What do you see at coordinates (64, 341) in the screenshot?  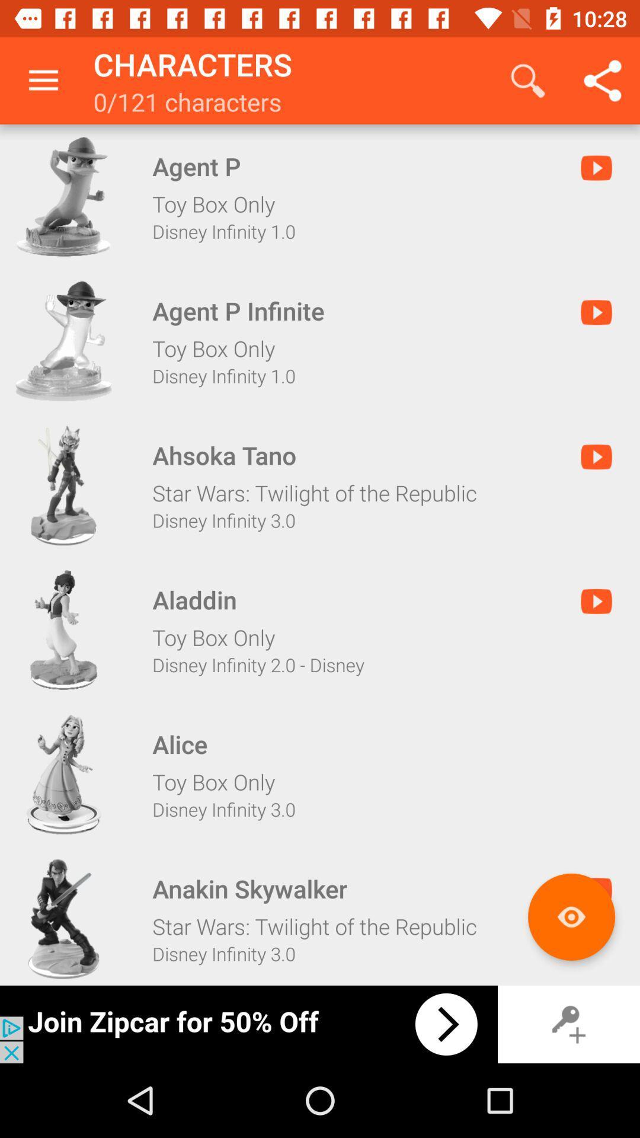 I see `the image left side to agent p infinite` at bounding box center [64, 341].